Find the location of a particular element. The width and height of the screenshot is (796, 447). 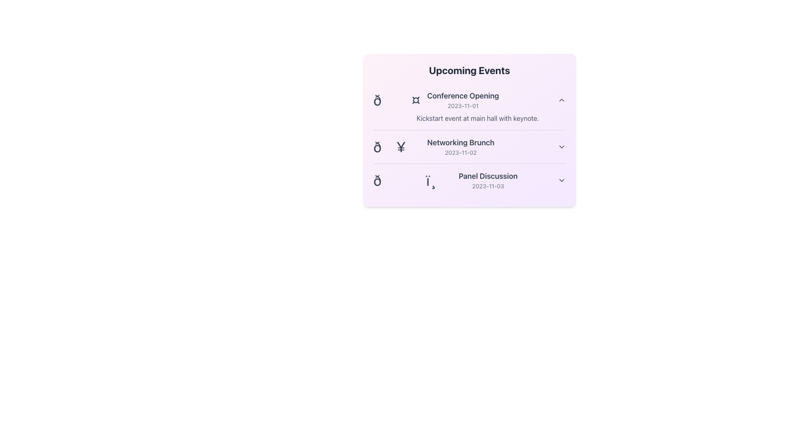

the chevron icon is located at coordinates (561, 100).